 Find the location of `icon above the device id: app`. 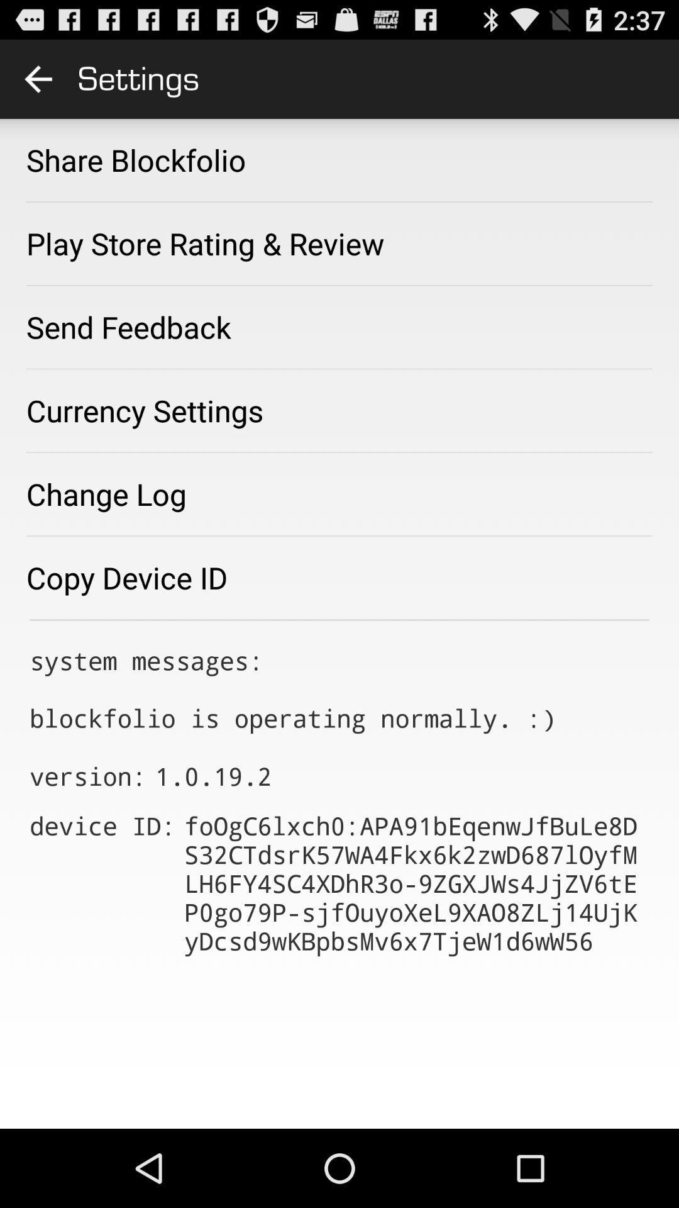

icon above the device id: app is located at coordinates (213, 775).